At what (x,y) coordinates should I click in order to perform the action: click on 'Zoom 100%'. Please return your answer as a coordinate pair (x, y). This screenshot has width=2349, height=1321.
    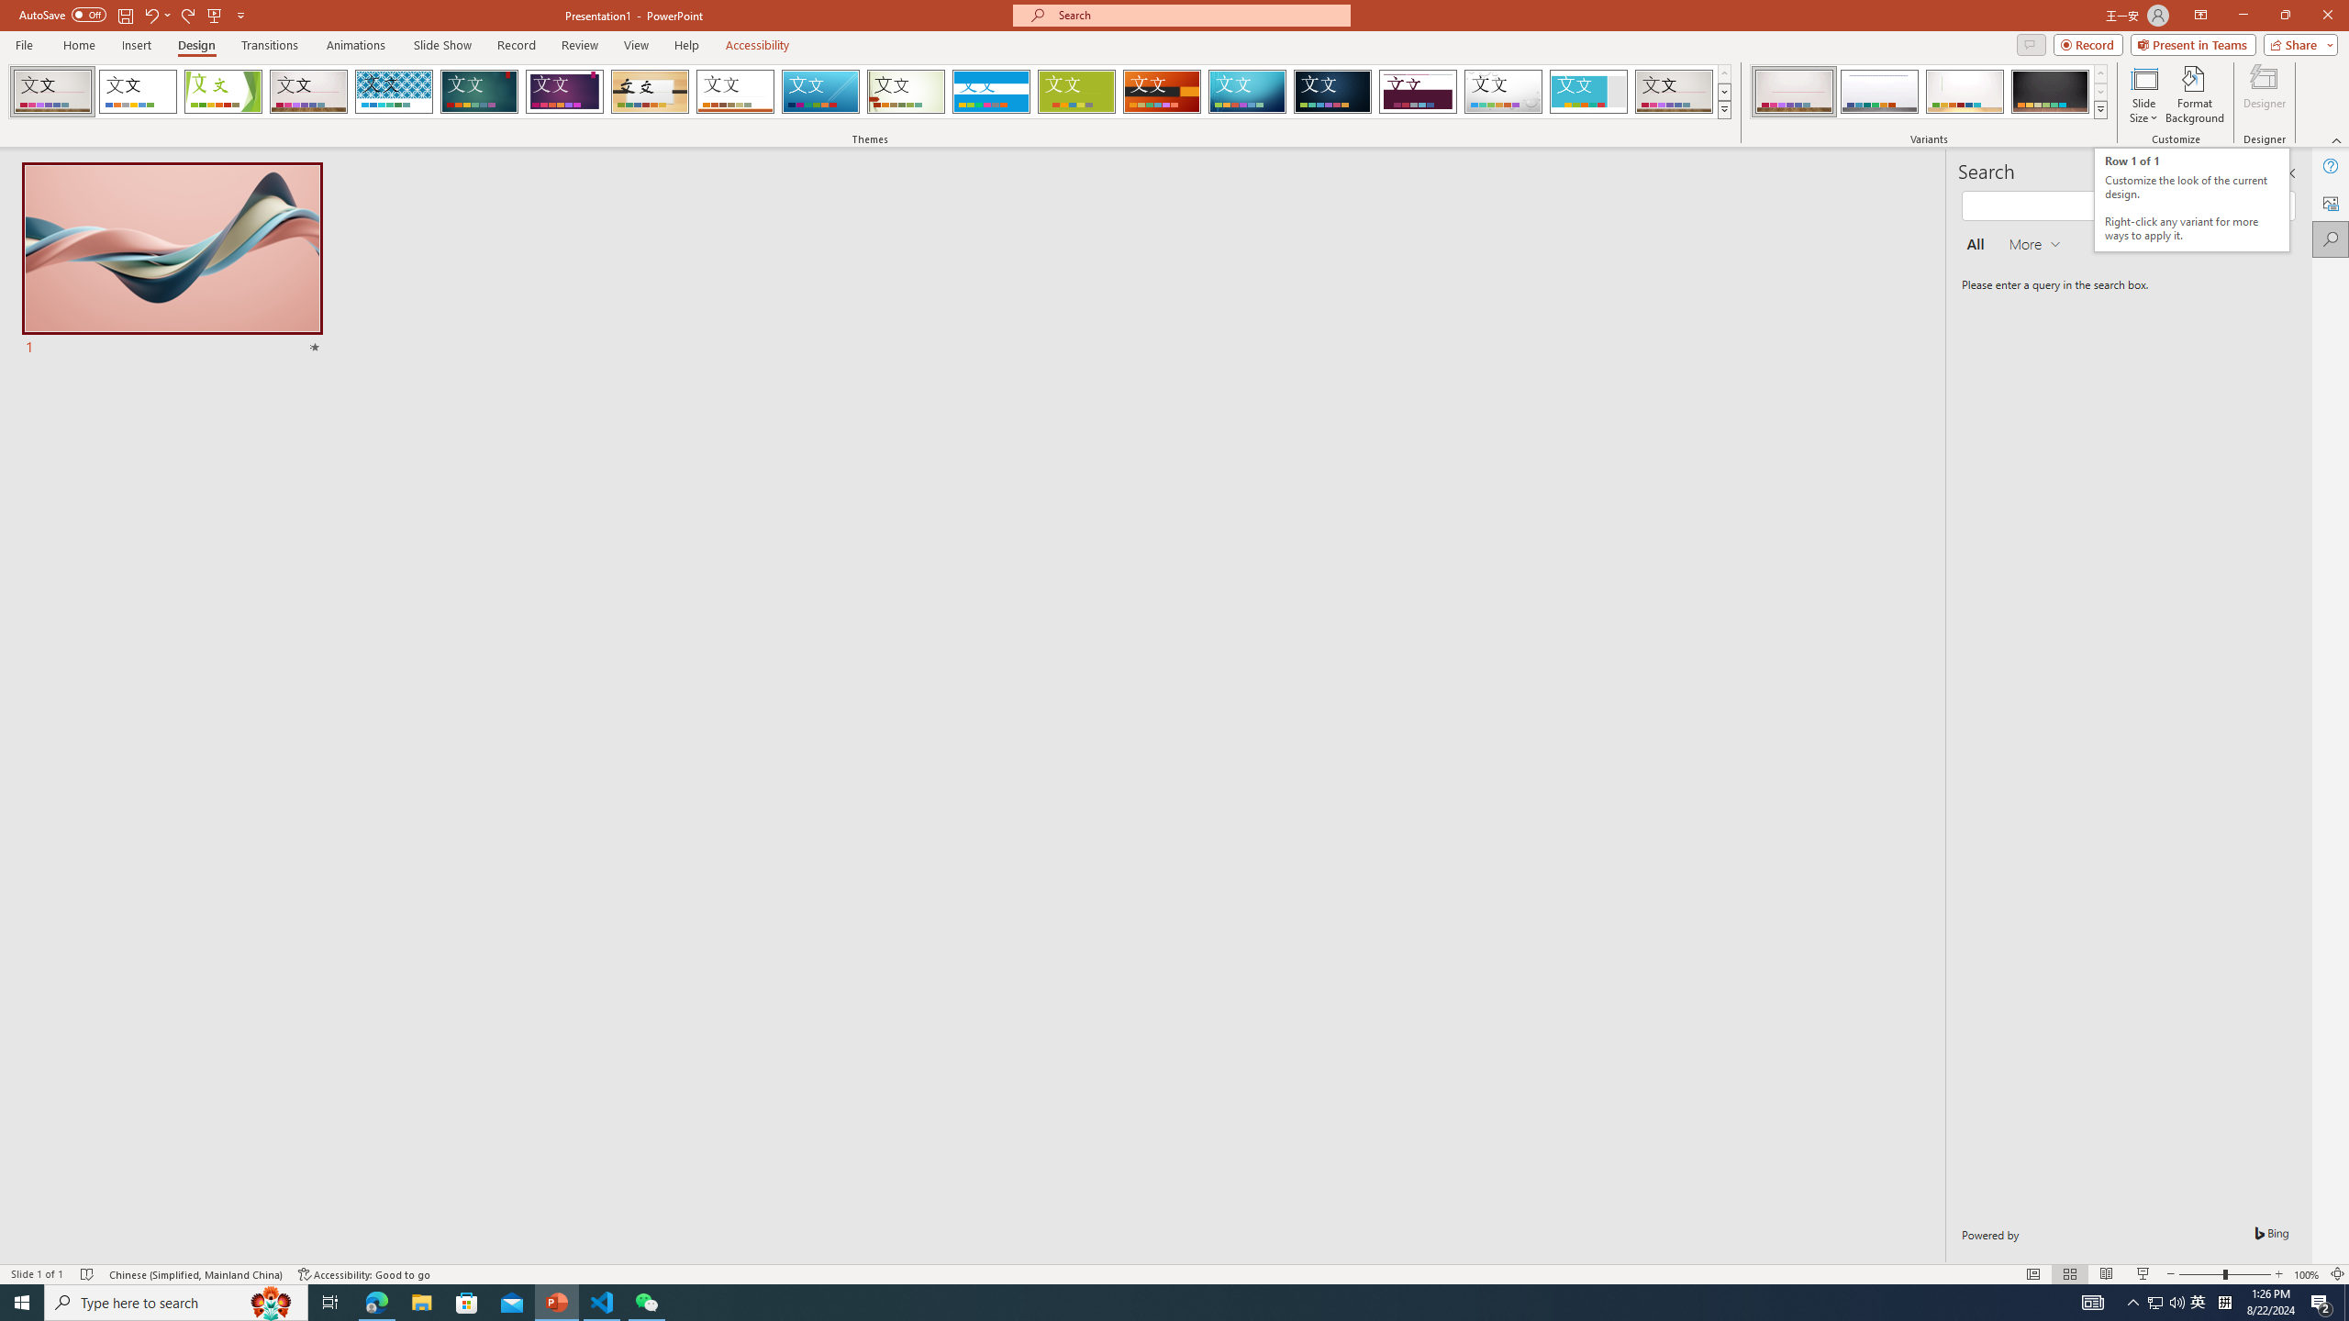
    Looking at the image, I should click on (2308, 1274).